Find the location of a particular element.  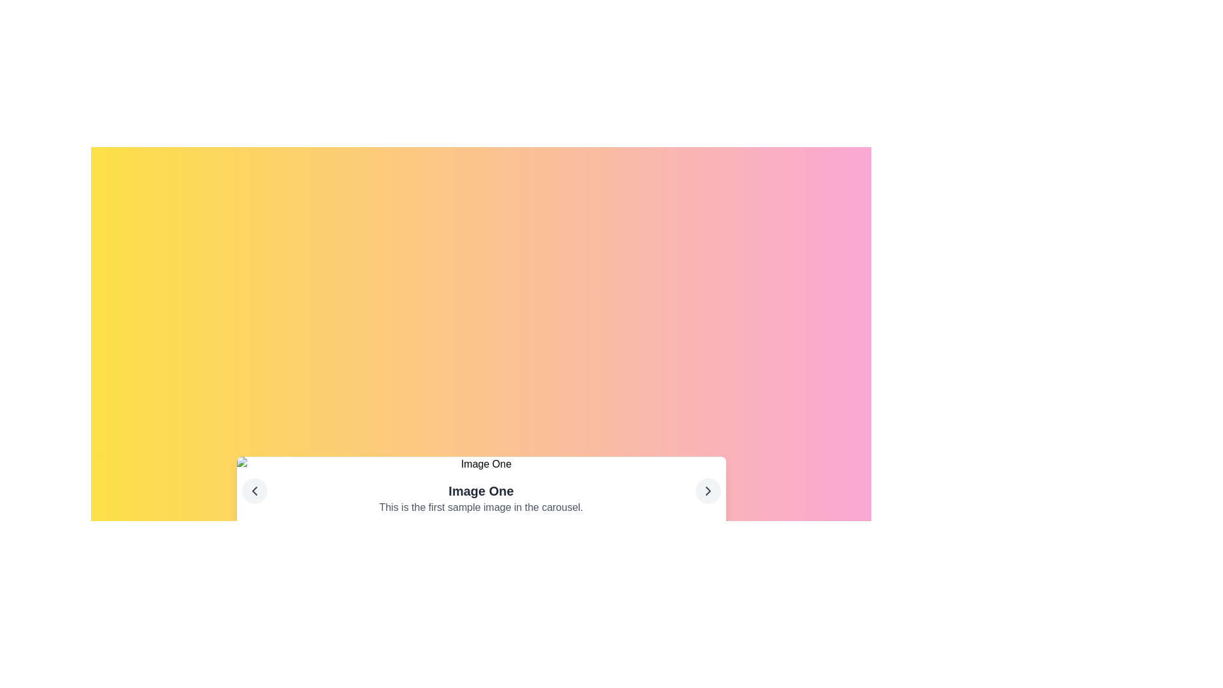

the static text element containing the sentence 'This is the first sample image in the carousel.' which is displayed below the title 'Image One' is located at coordinates (480, 507).